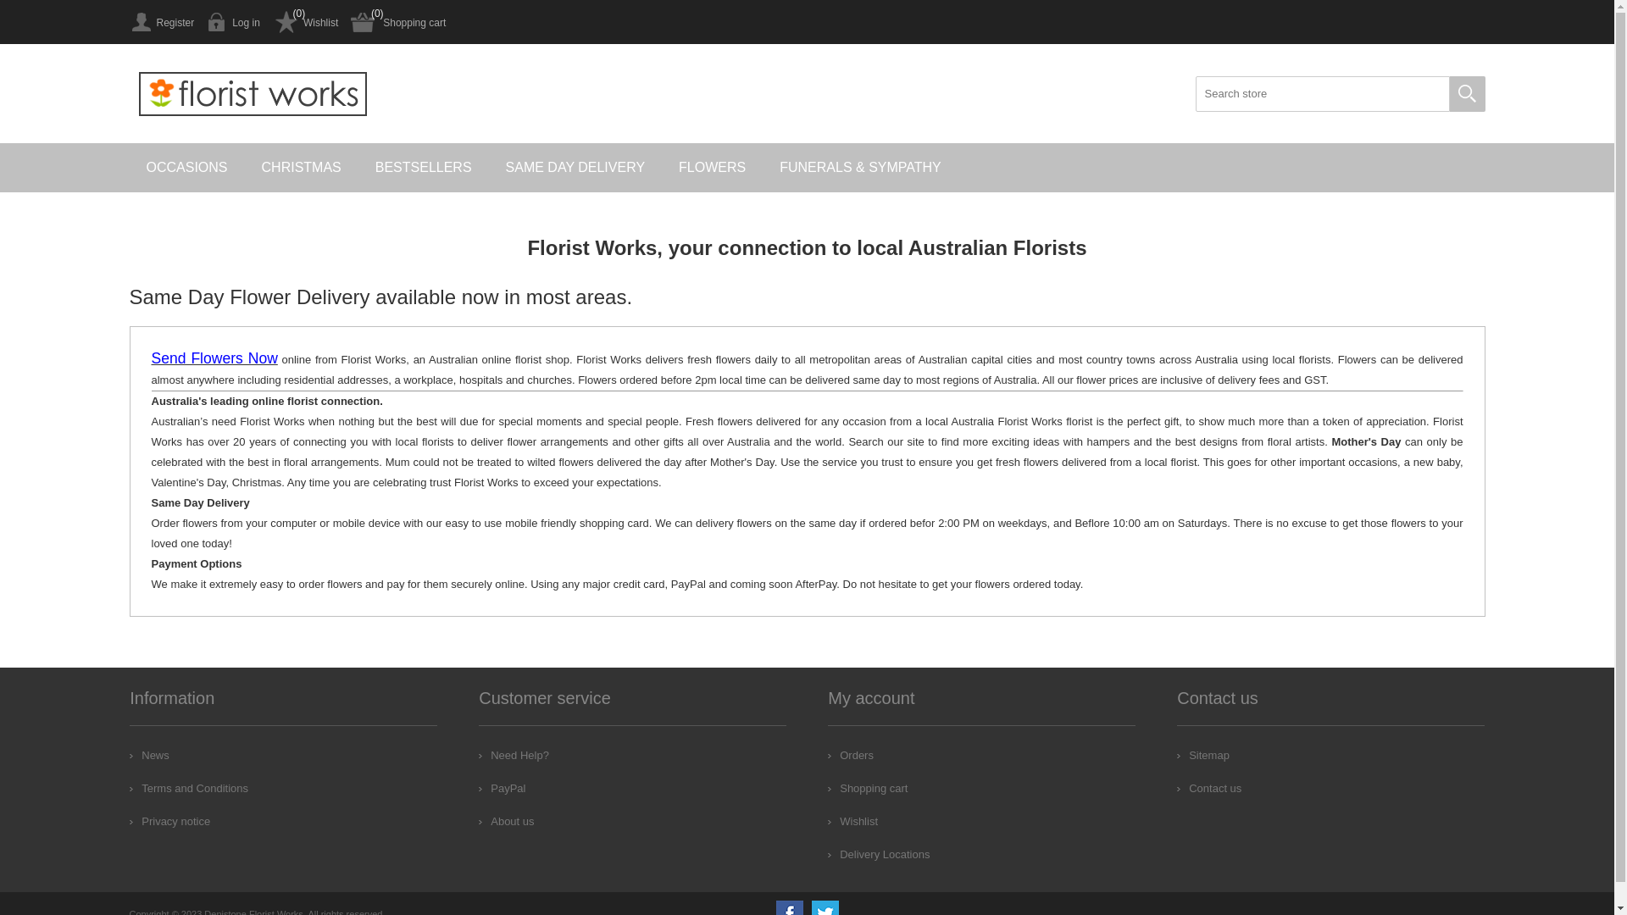  What do you see at coordinates (129, 820) in the screenshot?
I see `'Privacy notice'` at bounding box center [129, 820].